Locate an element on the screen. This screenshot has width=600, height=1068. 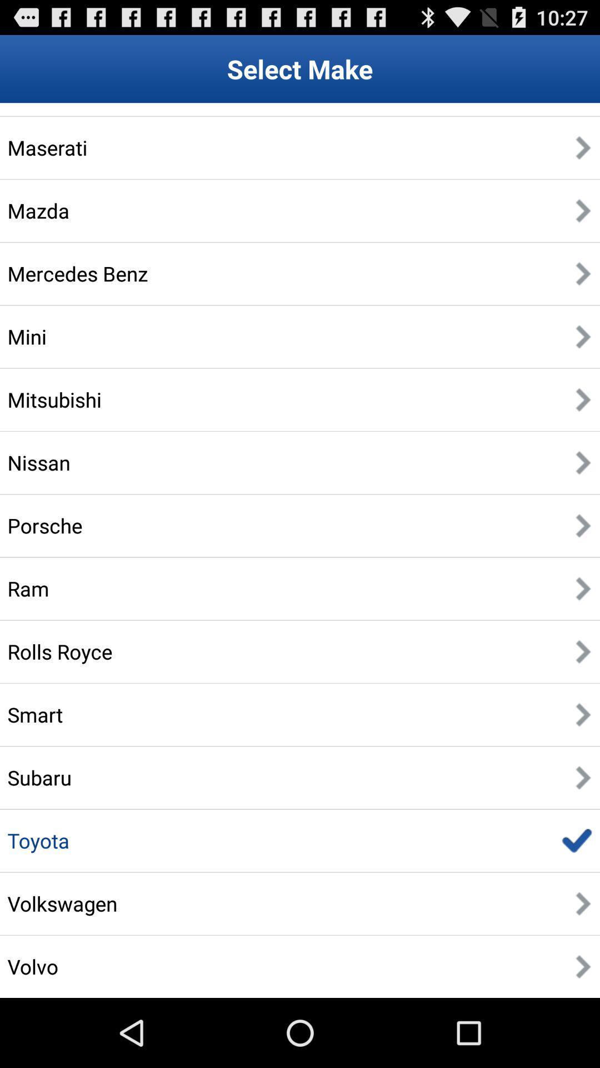
icon above the mazda is located at coordinates (47, 147).